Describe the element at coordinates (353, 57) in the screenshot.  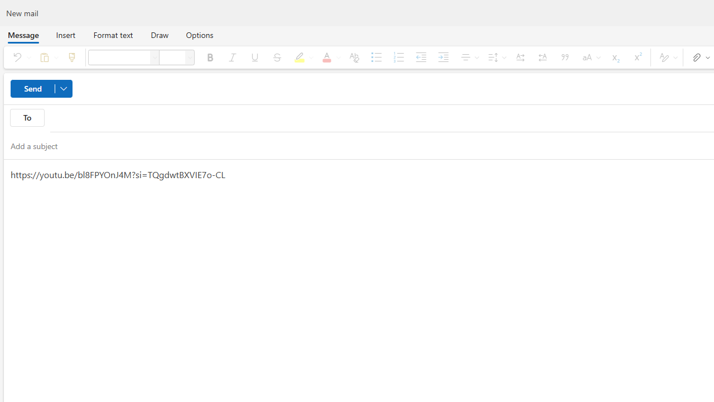
I see `'Clear formatting'` at that location.